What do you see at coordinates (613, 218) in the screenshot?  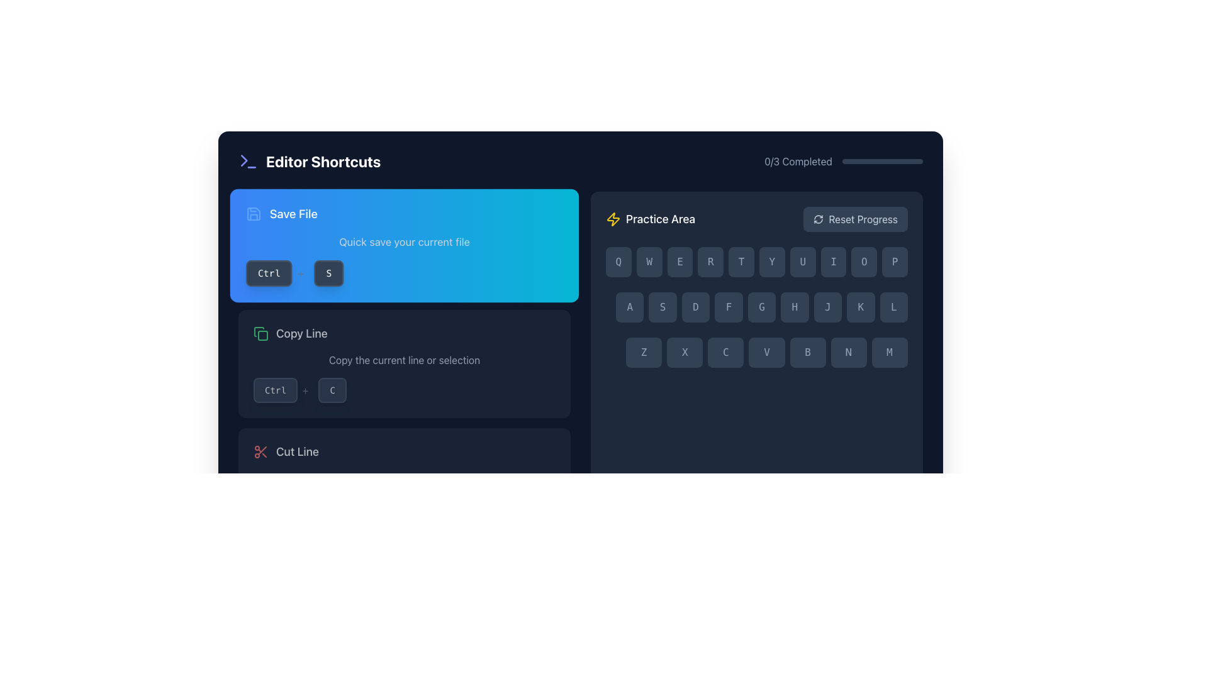 I see `the visual representation of the icon located in the header of the Practice Area section, near the center on the right side of the interface` at bounding box center [613, 218].